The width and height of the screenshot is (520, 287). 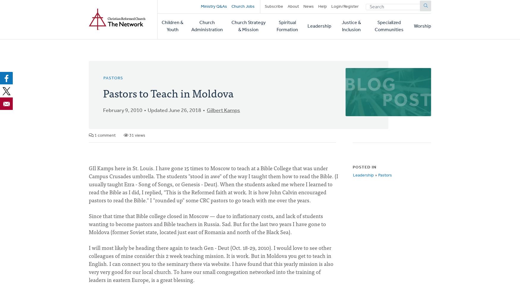 What do you see at coordinates (322, 6) in the screenshot?
I see `'Help'` at bounding box center [322, 6].